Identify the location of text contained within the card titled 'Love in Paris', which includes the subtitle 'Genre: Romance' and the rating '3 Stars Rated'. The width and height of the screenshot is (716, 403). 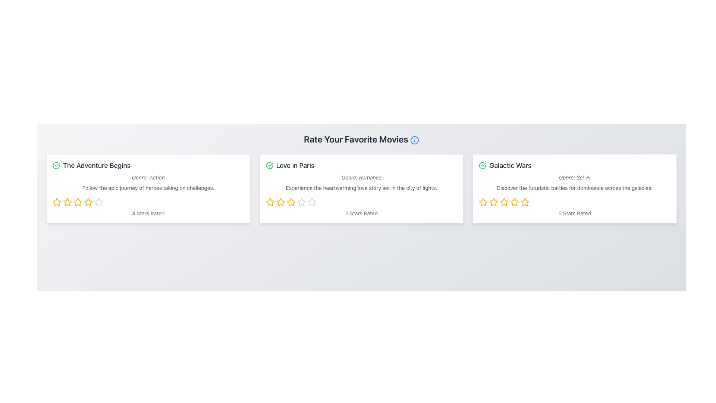
(361, 188).